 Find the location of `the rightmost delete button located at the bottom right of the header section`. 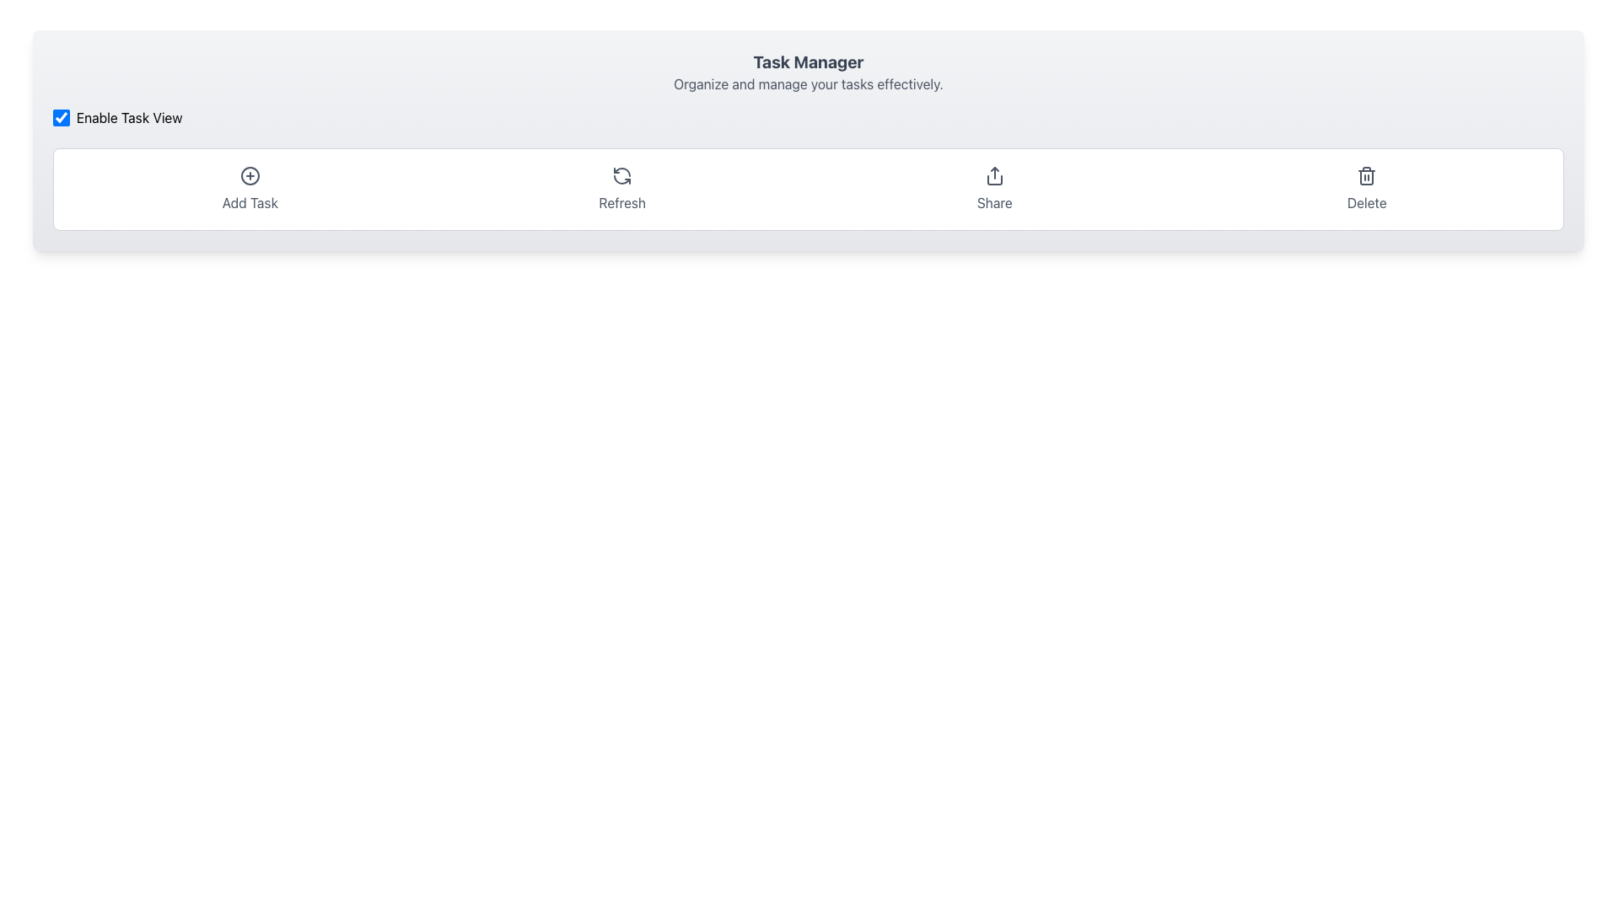

the rightmost delete button located at the bottom right of the header section is located at coordinates (1367, 189).